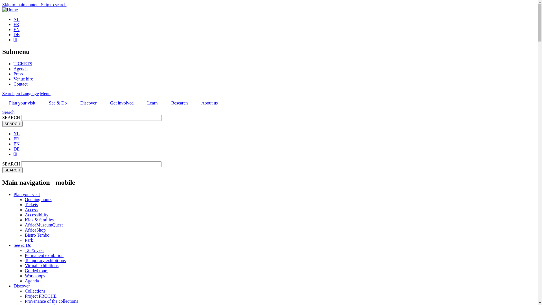 The image size is (542, 305). What do you see at coordinates (41, 265) in the screenshot?
I see `'Virtual exhibitions'` at bounding box center [41, 265].